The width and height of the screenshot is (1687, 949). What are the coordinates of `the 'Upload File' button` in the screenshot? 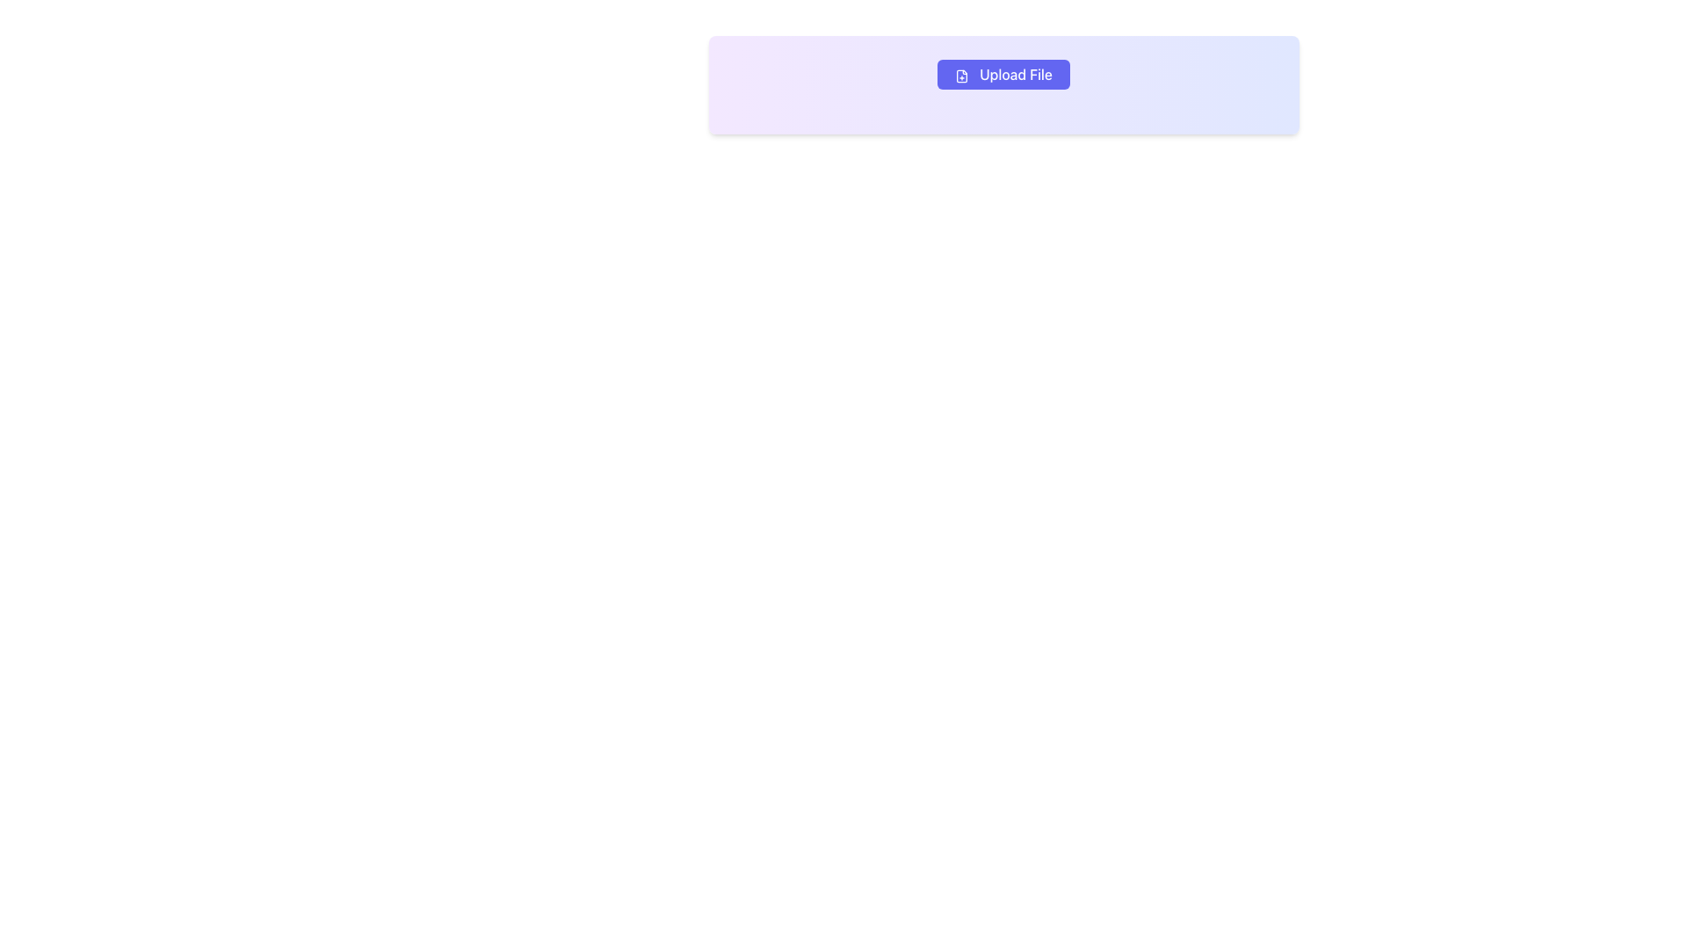 It's located at (1003, 84).